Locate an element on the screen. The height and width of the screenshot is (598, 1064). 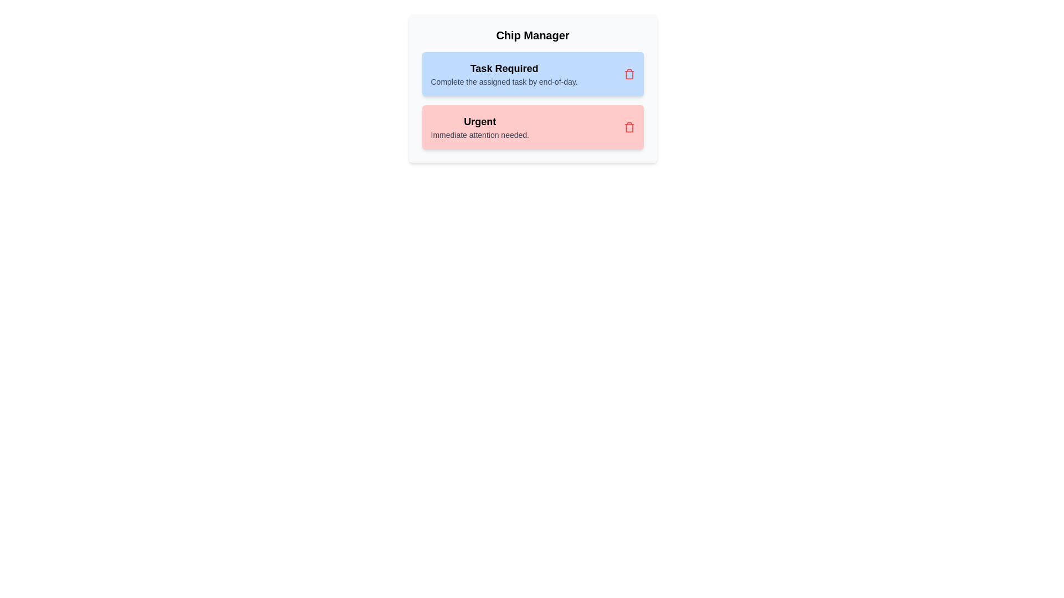
the delete button of the chip labeled 'Urgent' is located at coordinates (629, 127).